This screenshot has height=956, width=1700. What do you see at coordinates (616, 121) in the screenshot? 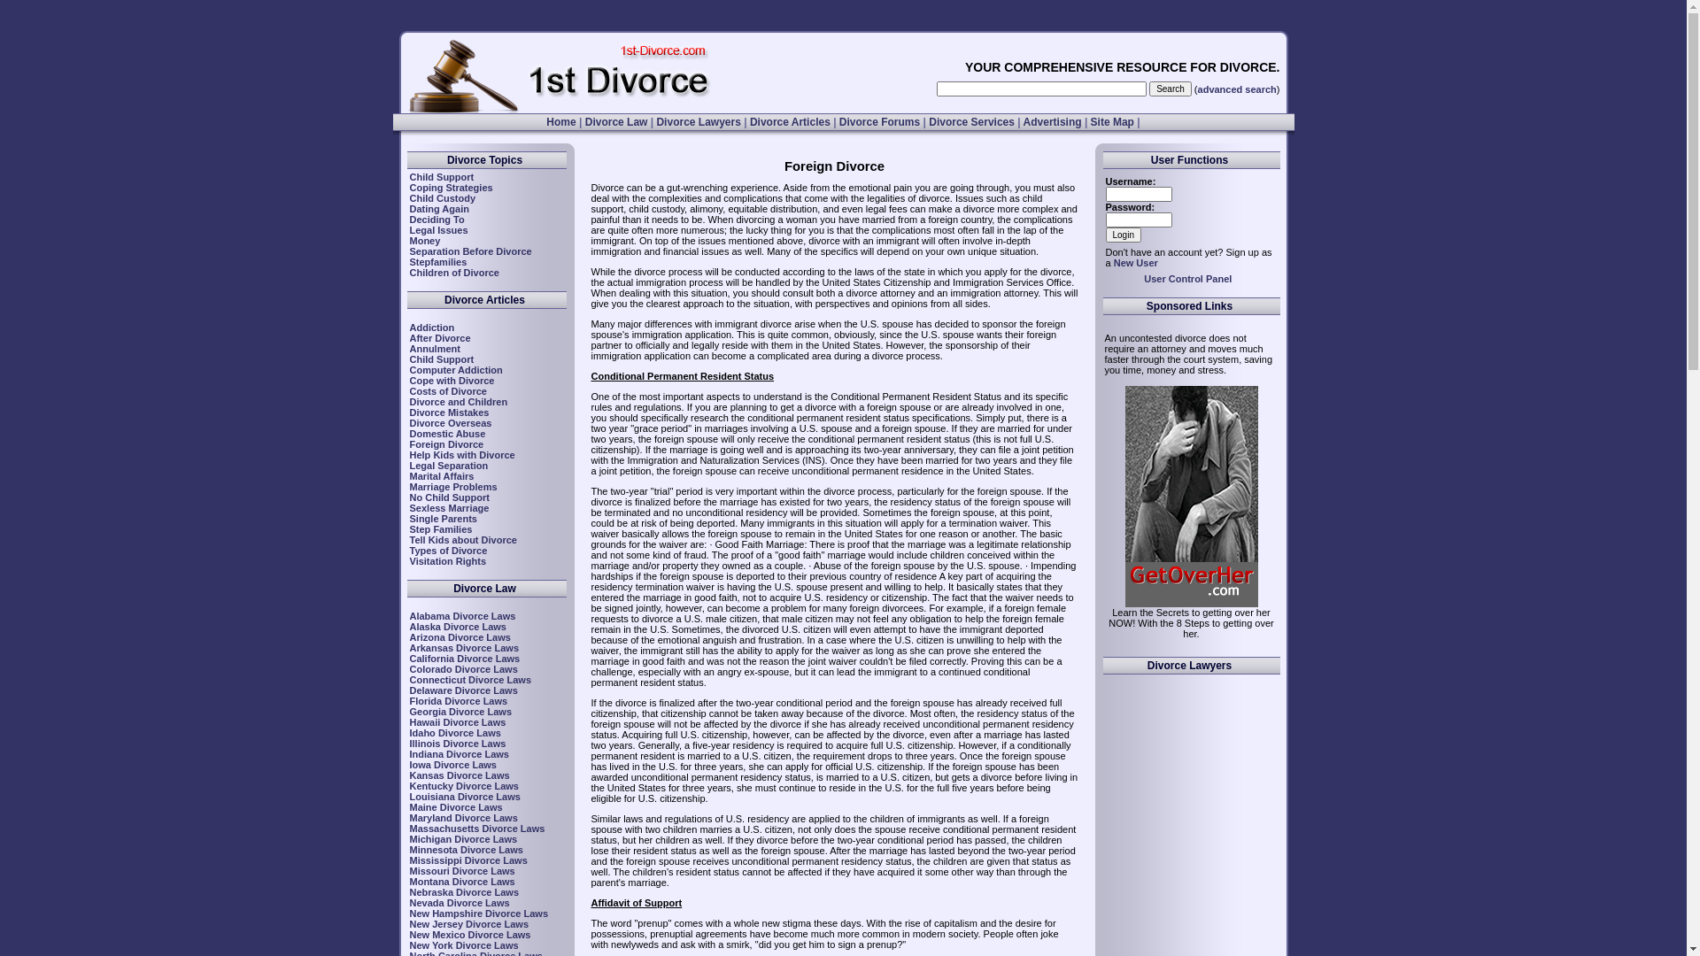
I see `'Divorce Law'` at bounding box center [616, 121].